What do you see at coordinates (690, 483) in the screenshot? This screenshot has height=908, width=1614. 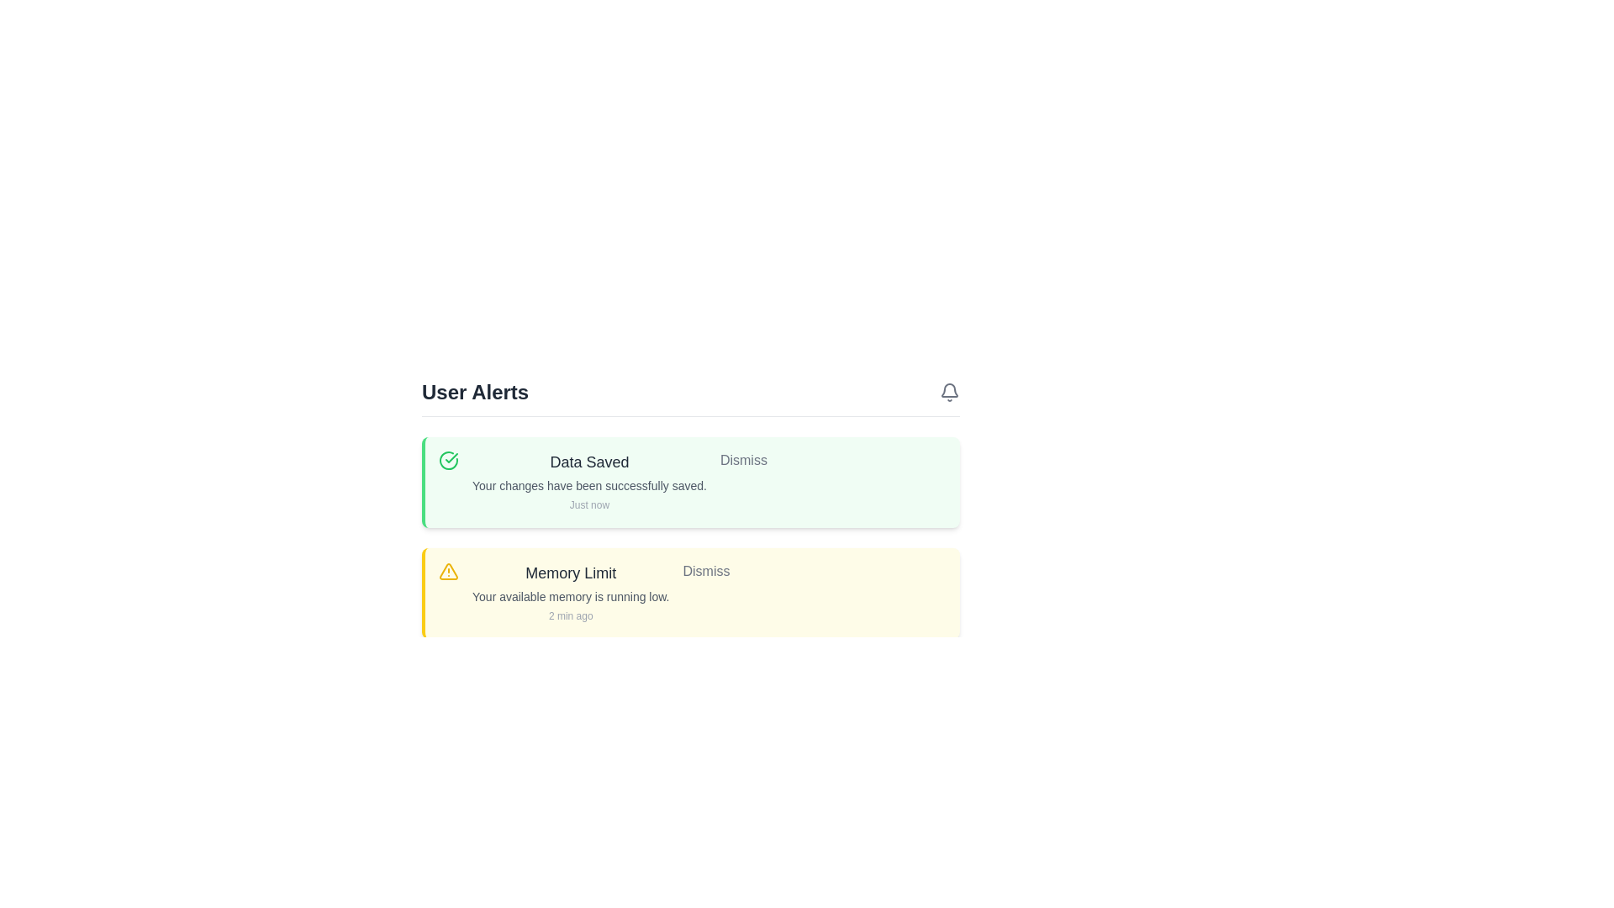 I see `the 'Data Saved' alert to read its details` at bounding box center [690, 483].